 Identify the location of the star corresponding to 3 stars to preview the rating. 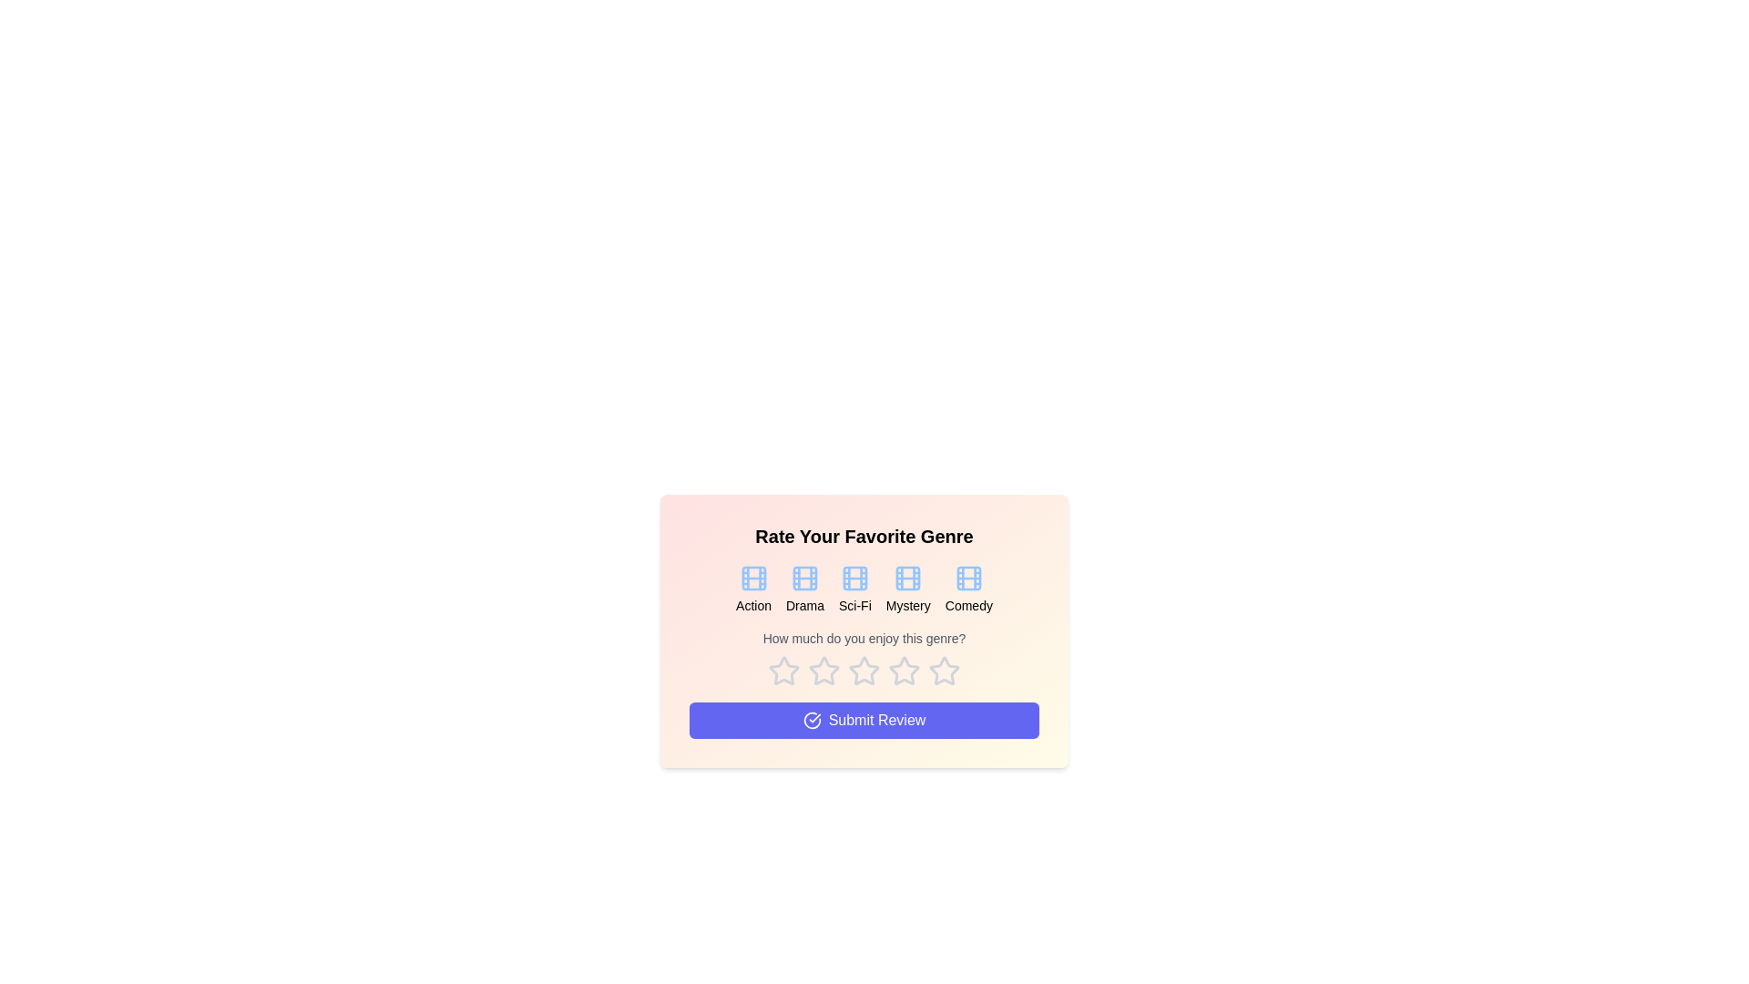
(864, 671).